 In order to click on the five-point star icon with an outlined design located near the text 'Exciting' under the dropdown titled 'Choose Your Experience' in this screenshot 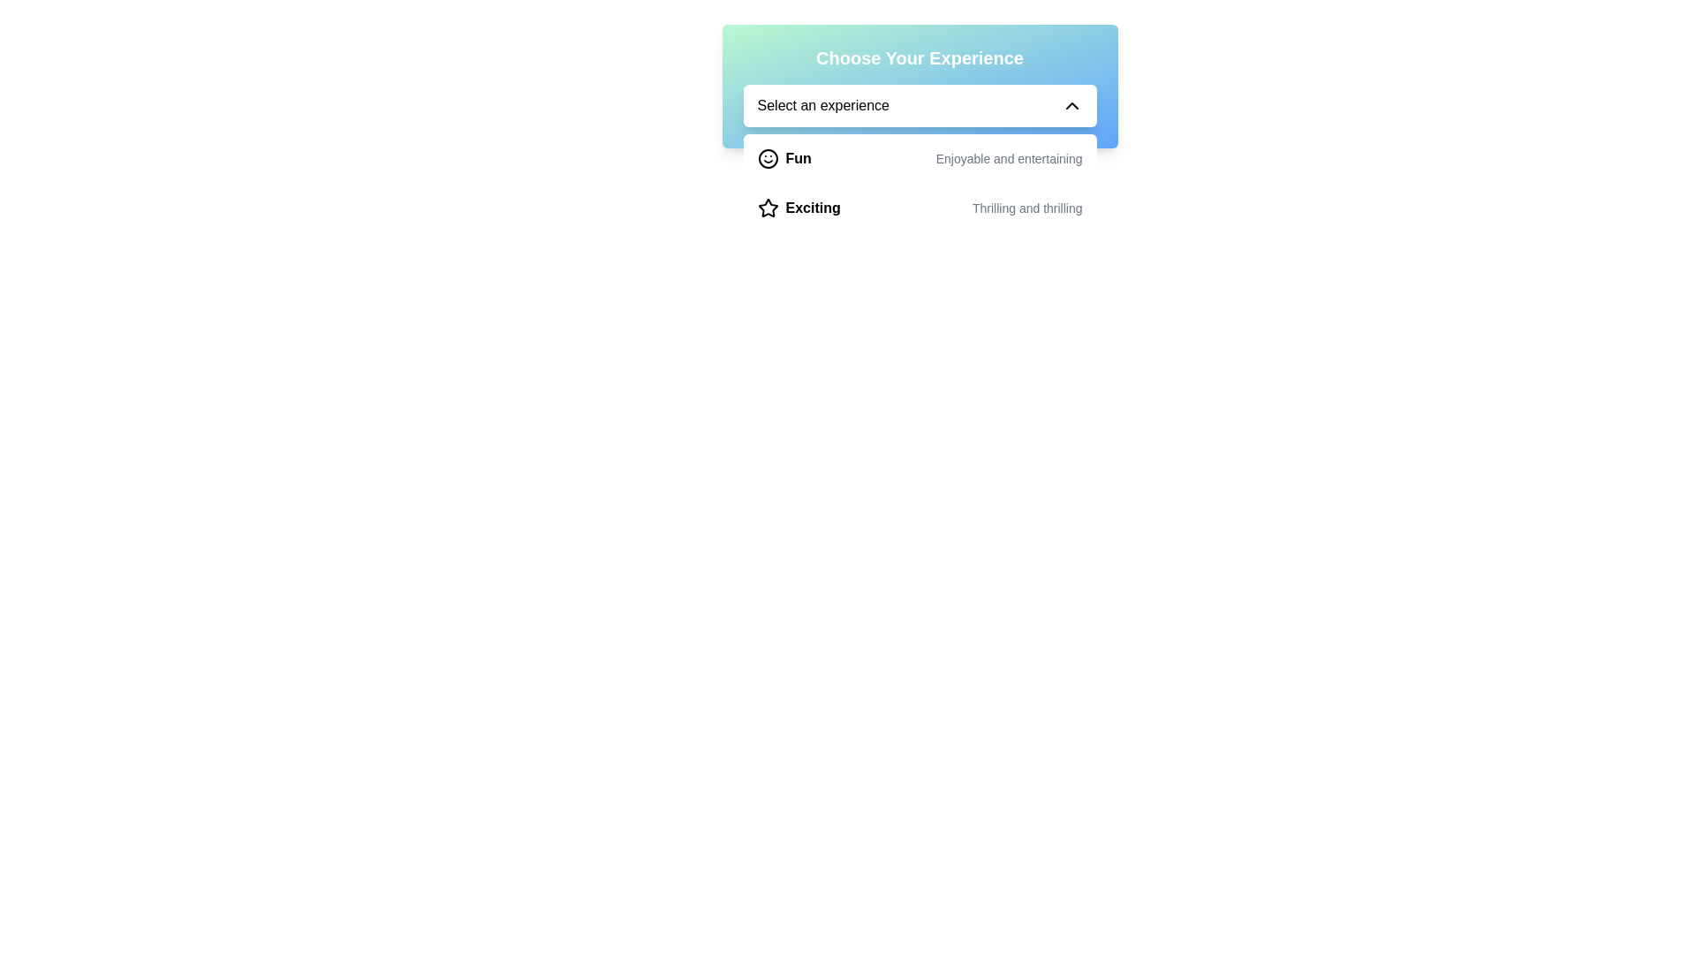, I will do `click(768, 207)`.